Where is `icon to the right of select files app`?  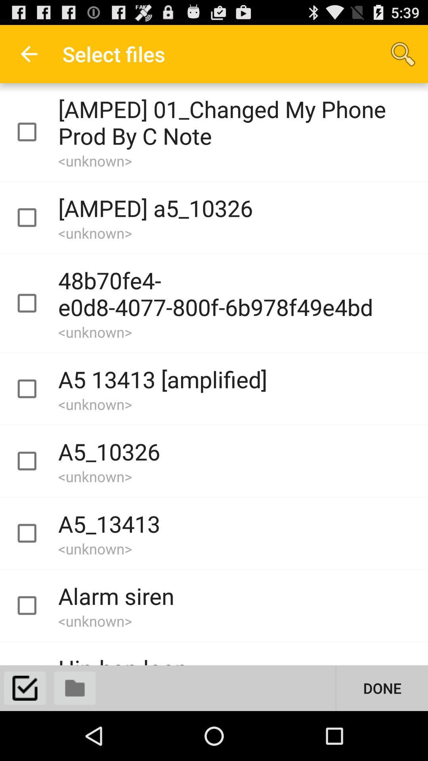
icon to the right of select files app is located at coordinates (403, 54).